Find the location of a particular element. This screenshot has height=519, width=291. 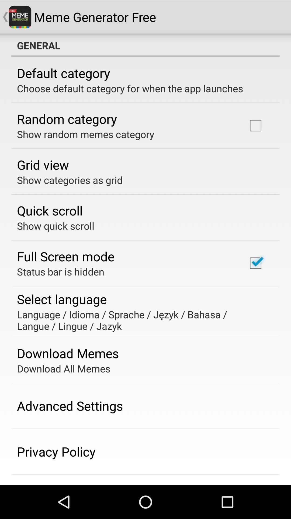

item below select language item is located at coordinates (141, 320).